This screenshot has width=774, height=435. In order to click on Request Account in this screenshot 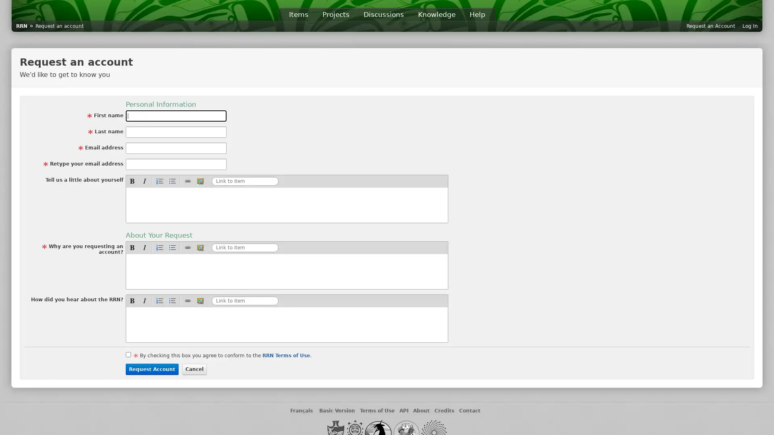, I will do `click(152, 369)`.